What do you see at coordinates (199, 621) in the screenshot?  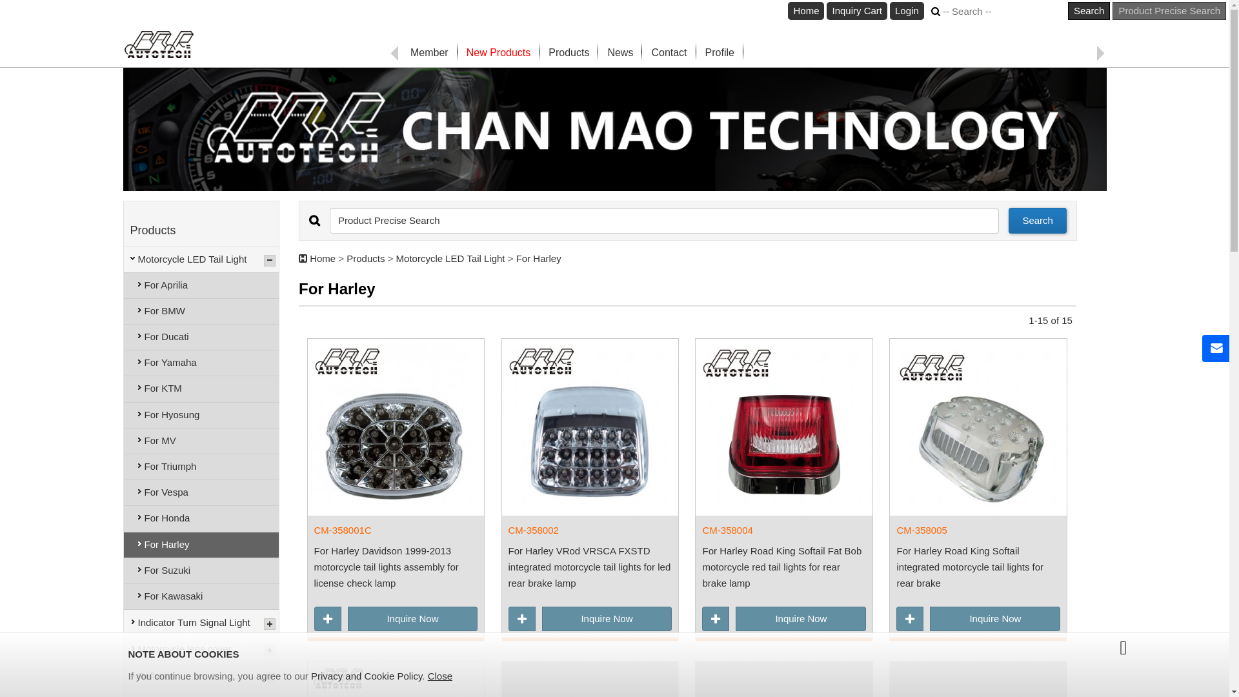 I see `'Indicator Turn Signal Light'` at bounding box center [199, 621].